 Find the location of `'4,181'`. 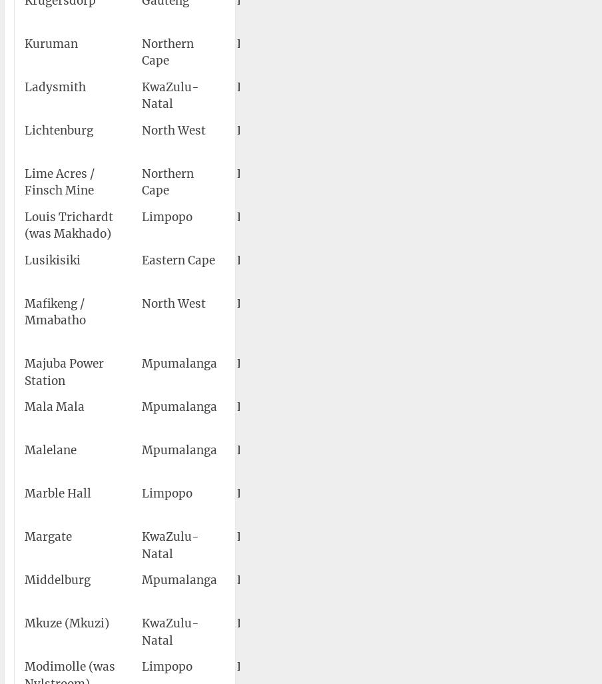

'4,181' is located at coordinates (571, 302).